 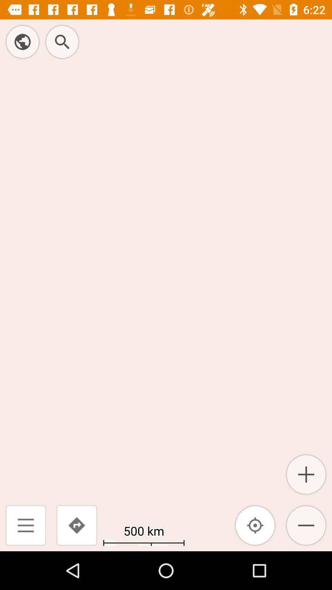 I want to click on the search icon, so click(x=62, y=41).